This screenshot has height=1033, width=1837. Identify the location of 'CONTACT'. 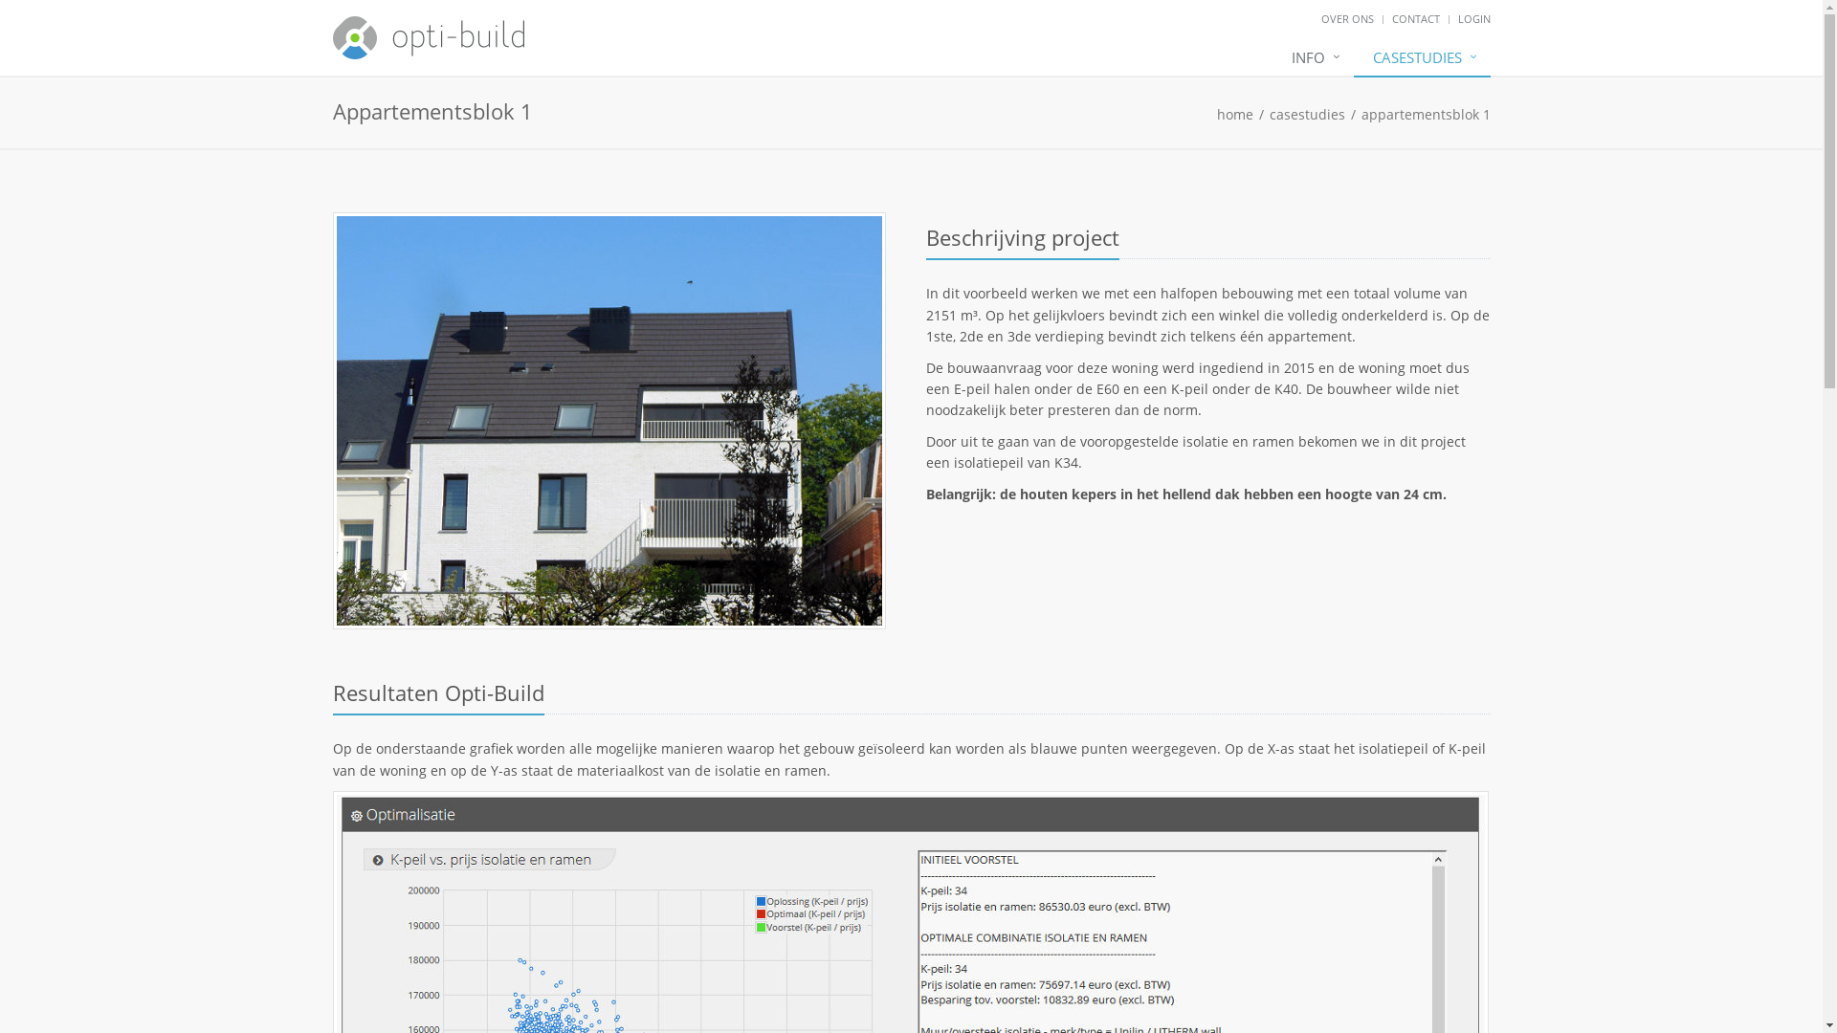
(1414, 18).